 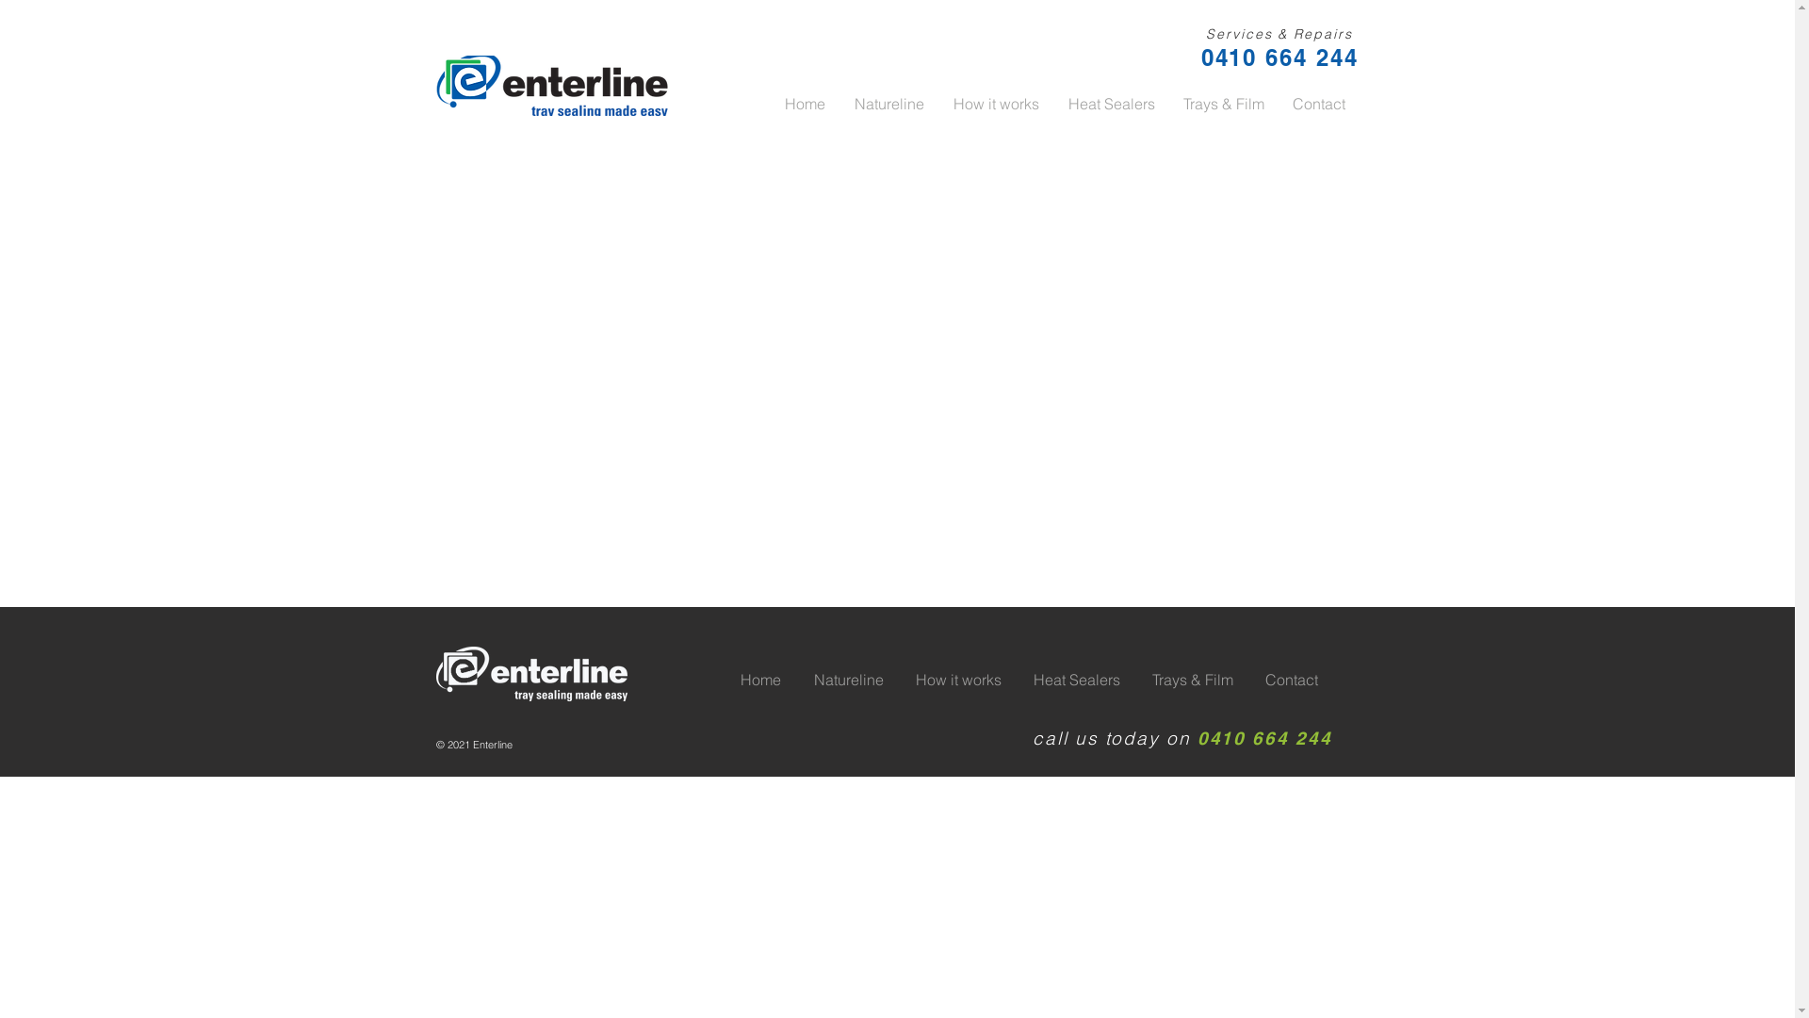 I want to click on 'Natureline', so click(x=845, y=680).